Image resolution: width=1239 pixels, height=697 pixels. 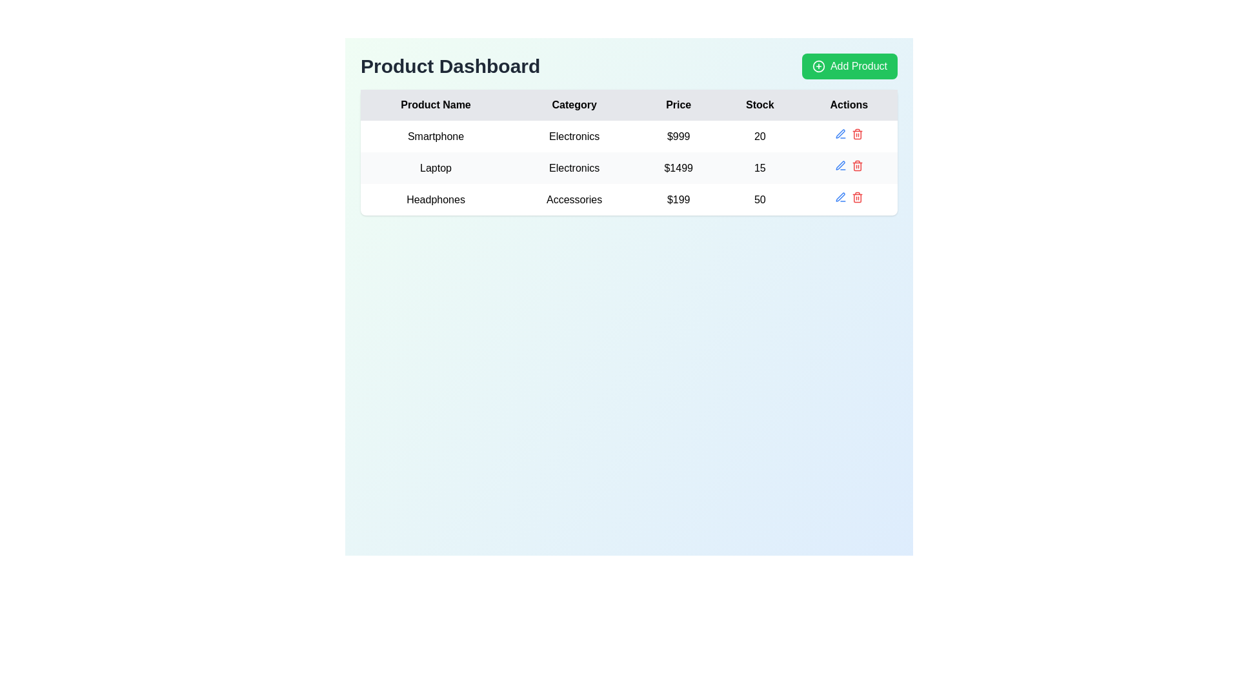 I want to click on the Table Header labeled 'Actions', which is the last header in the row, positioned on the far-right, below the 'Product Dashboard' heading, so click(x=849, y=104).